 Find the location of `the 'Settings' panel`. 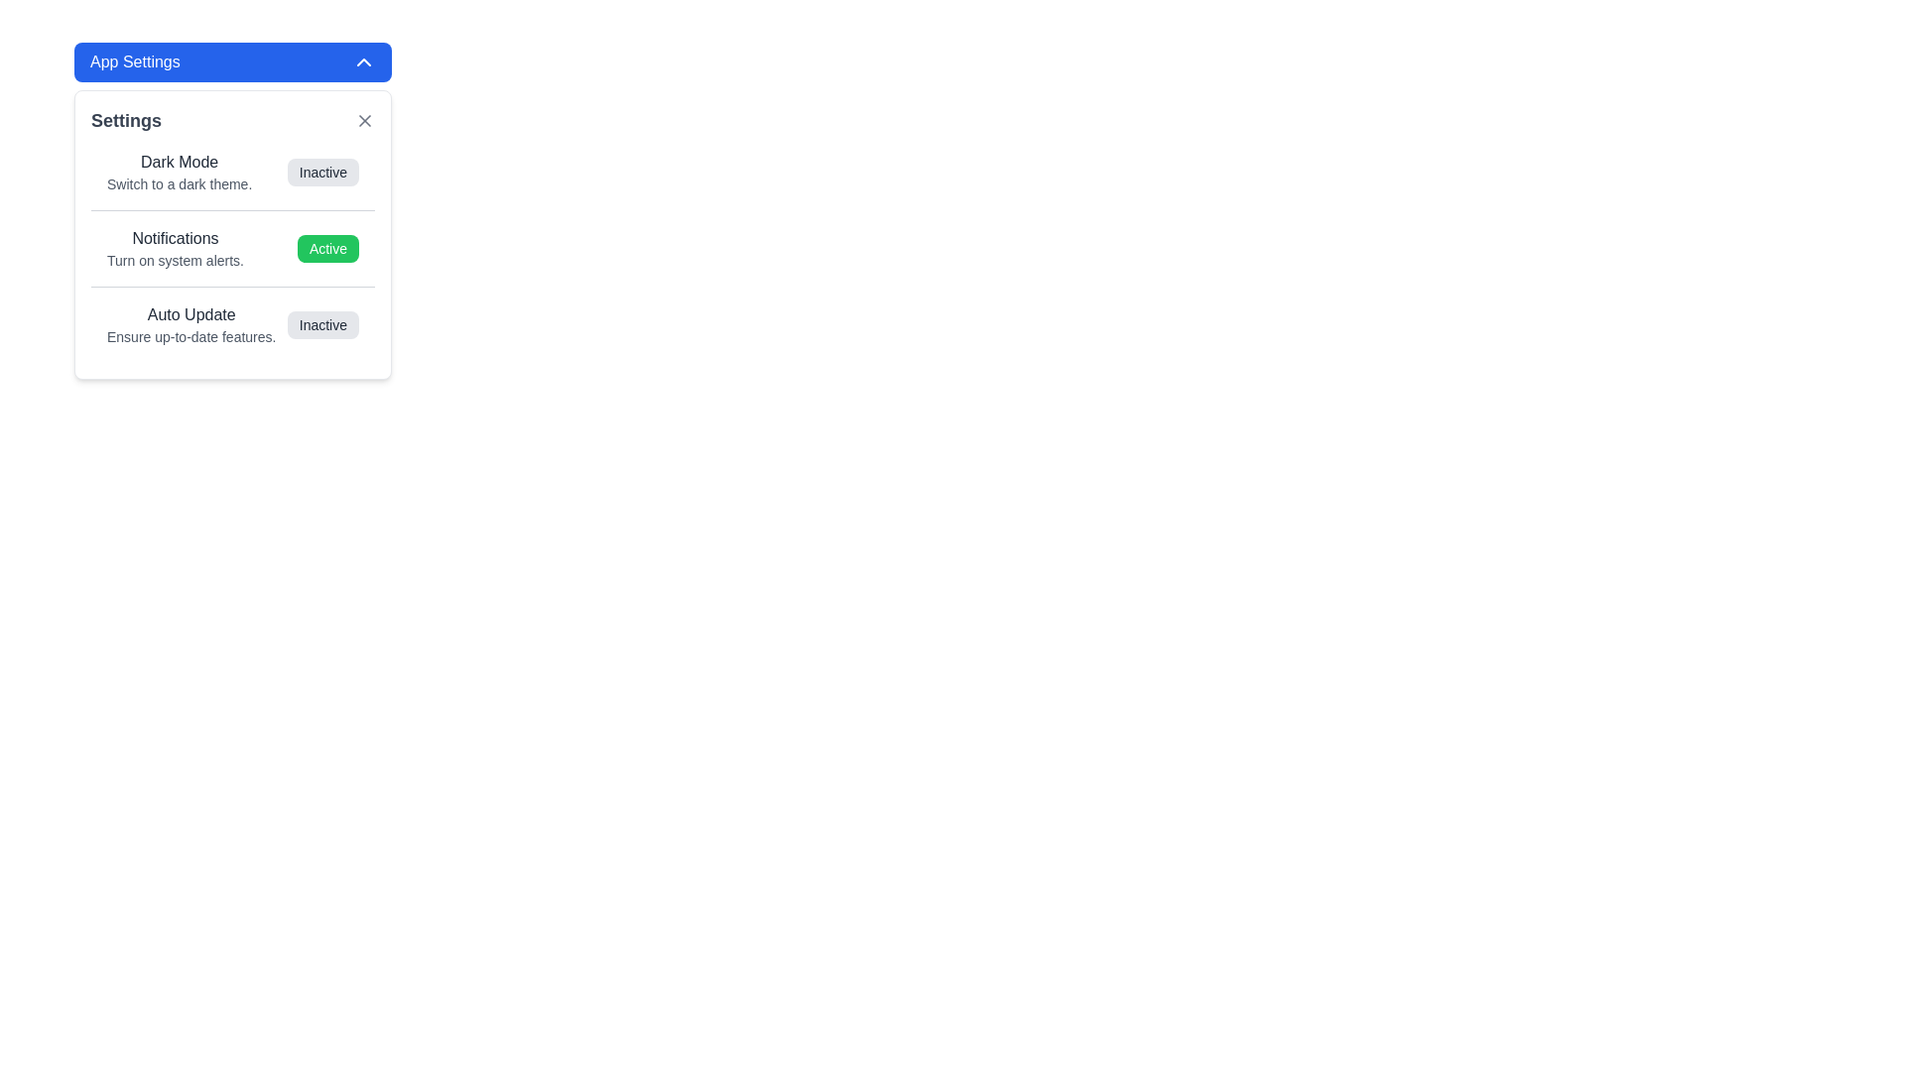

the 'Settings' panel is located at coordinates (233, 233).